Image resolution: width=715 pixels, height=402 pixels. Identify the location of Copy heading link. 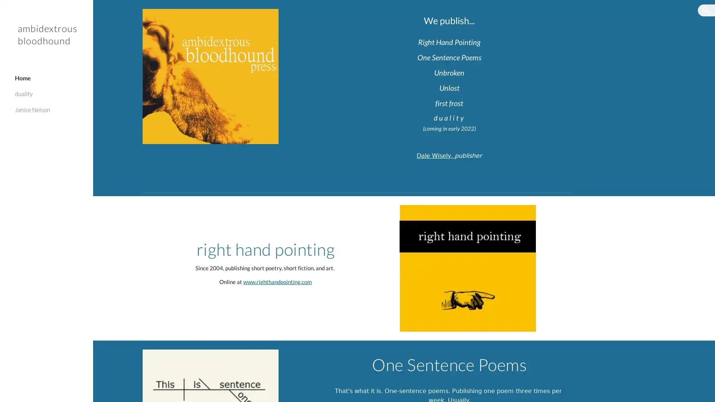
(529, 20).